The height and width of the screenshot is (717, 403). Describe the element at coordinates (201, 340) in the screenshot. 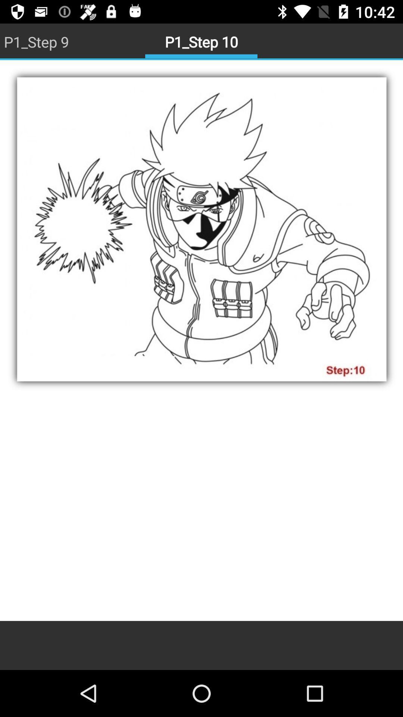

I see `screen` at that location.